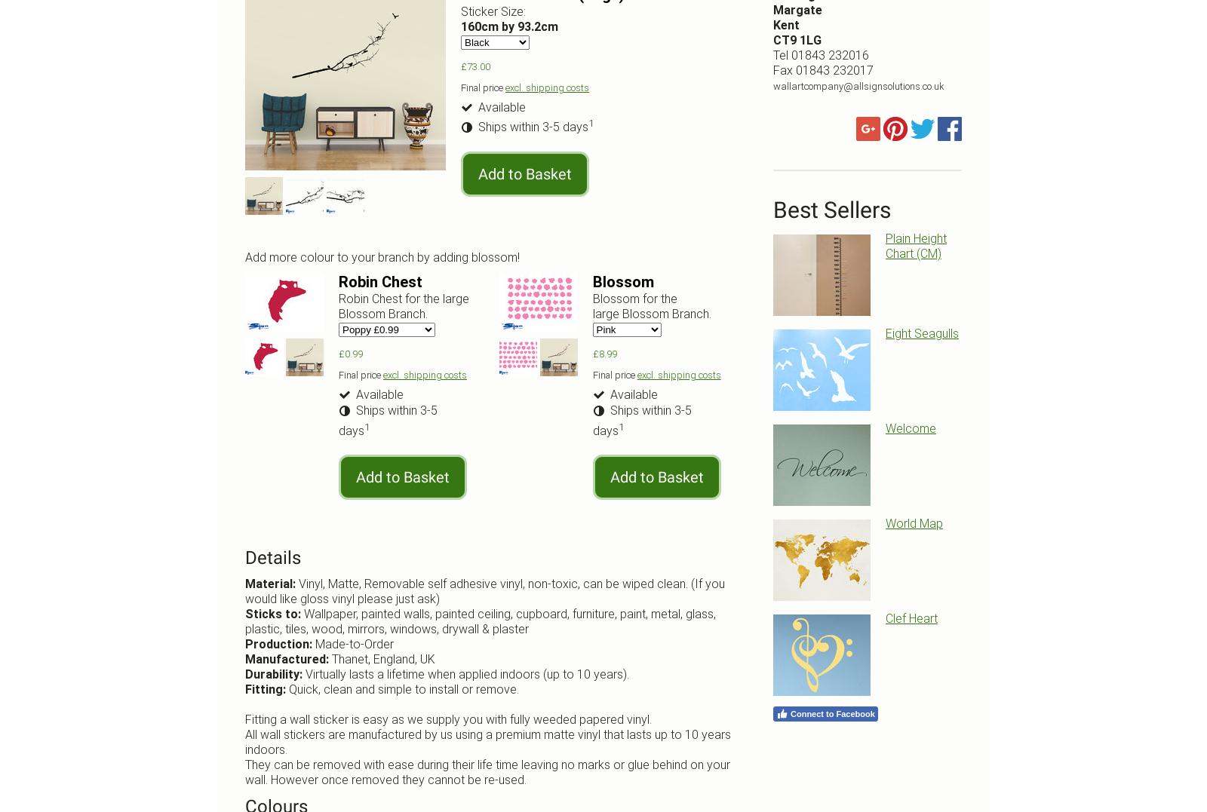 The width and height of the screenshot is (1207, 812). I want to click on 'Fitting:', so click(244, 688).